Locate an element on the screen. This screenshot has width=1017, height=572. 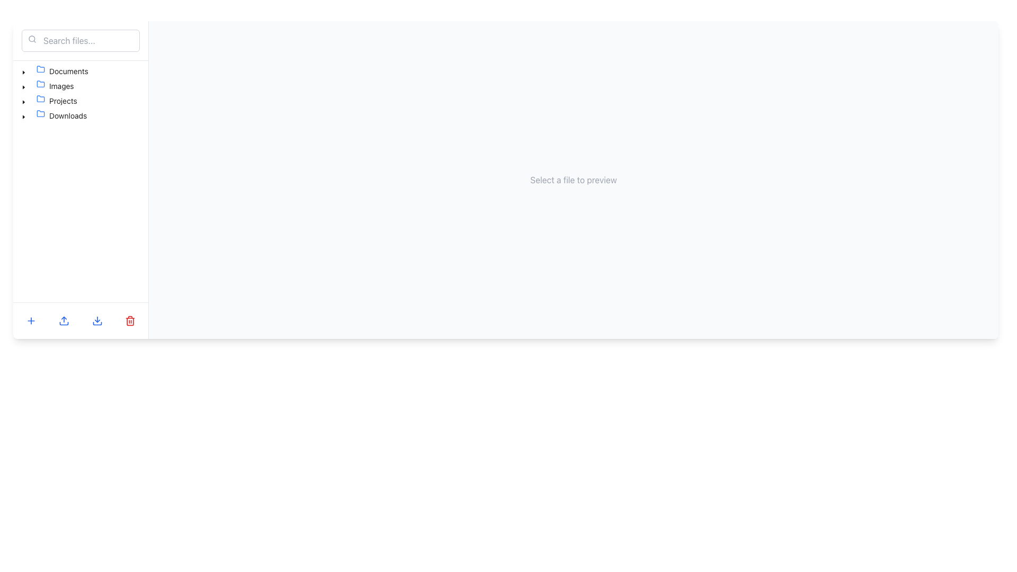
the navigational folder icon located to the left of the 'Documents' label in the vertical list is located at coordinates (40, 69).